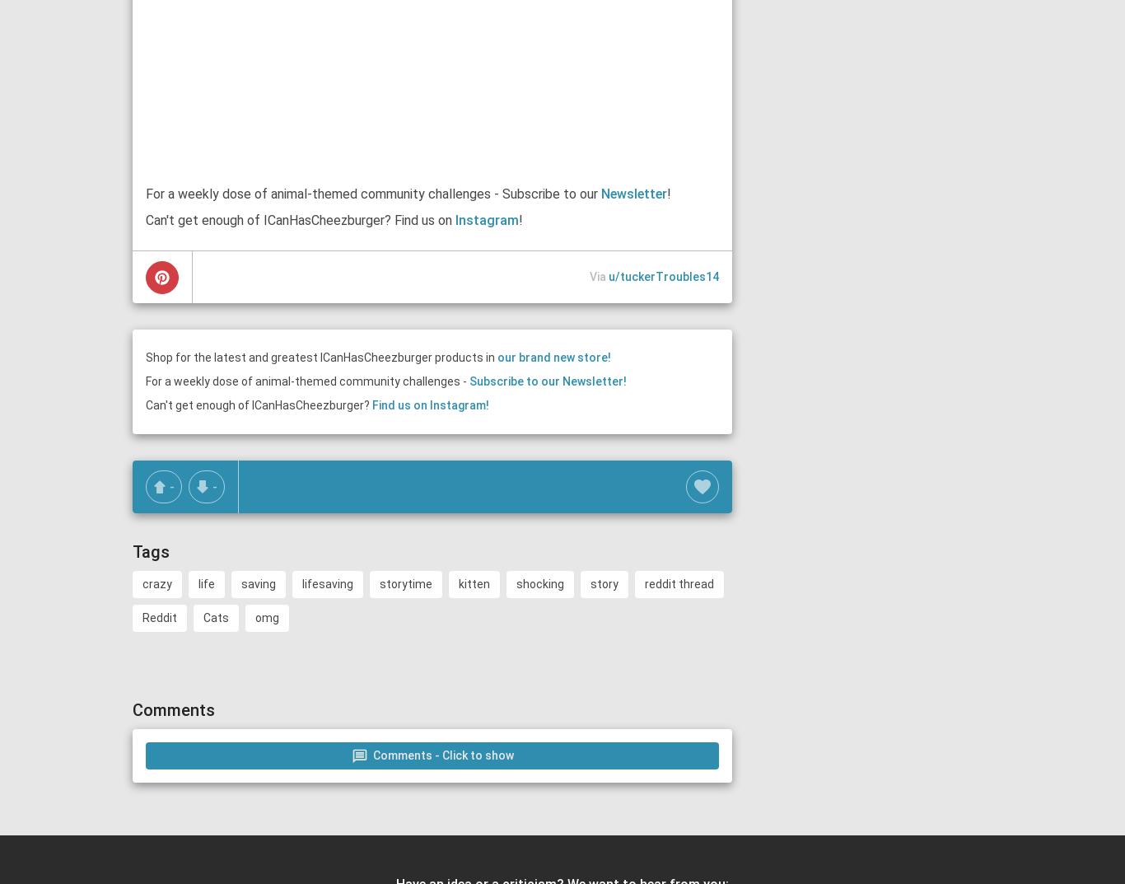  What do you see at coordinates (320, 358) in the screenshot?
I see `'Shop for the latest and greatest ICanHasCheezburger products in'` at bounding box center [320, 358].